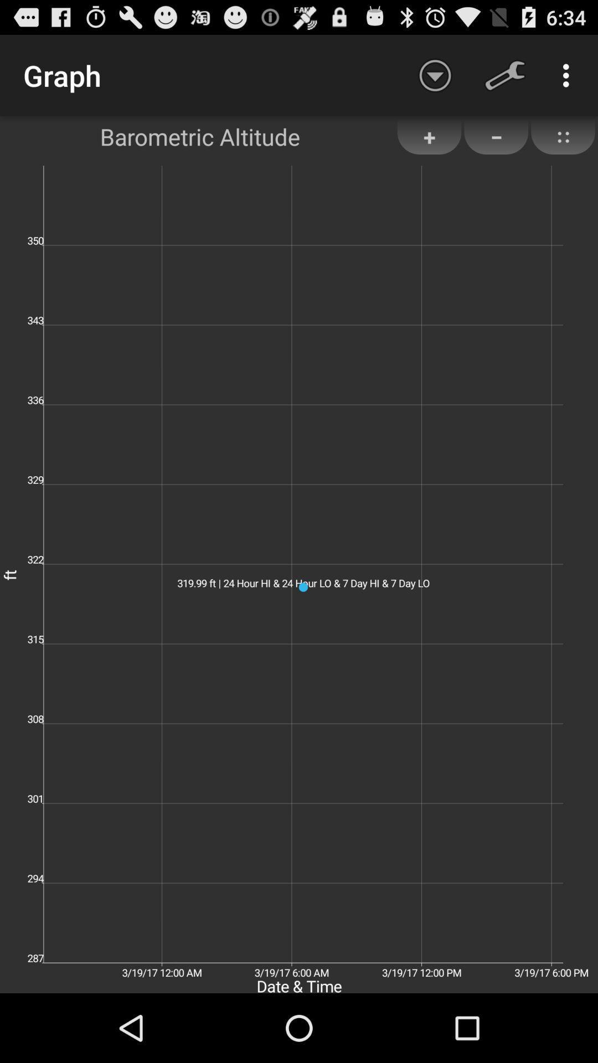 The height and width of the screenshot is (1063, 598). I want to click on the item to the right of +, so click(496, 136).